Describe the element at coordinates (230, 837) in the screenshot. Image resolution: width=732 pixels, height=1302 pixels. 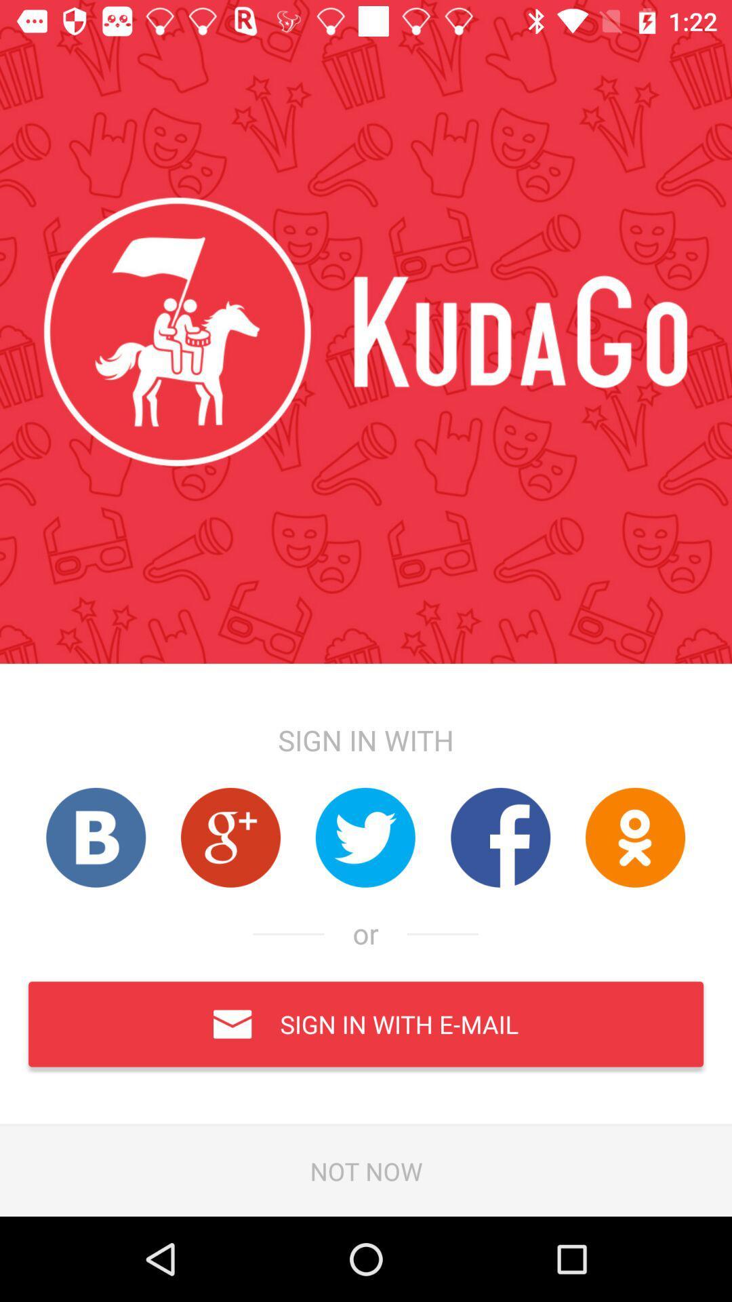
I see `google plus` at that location.